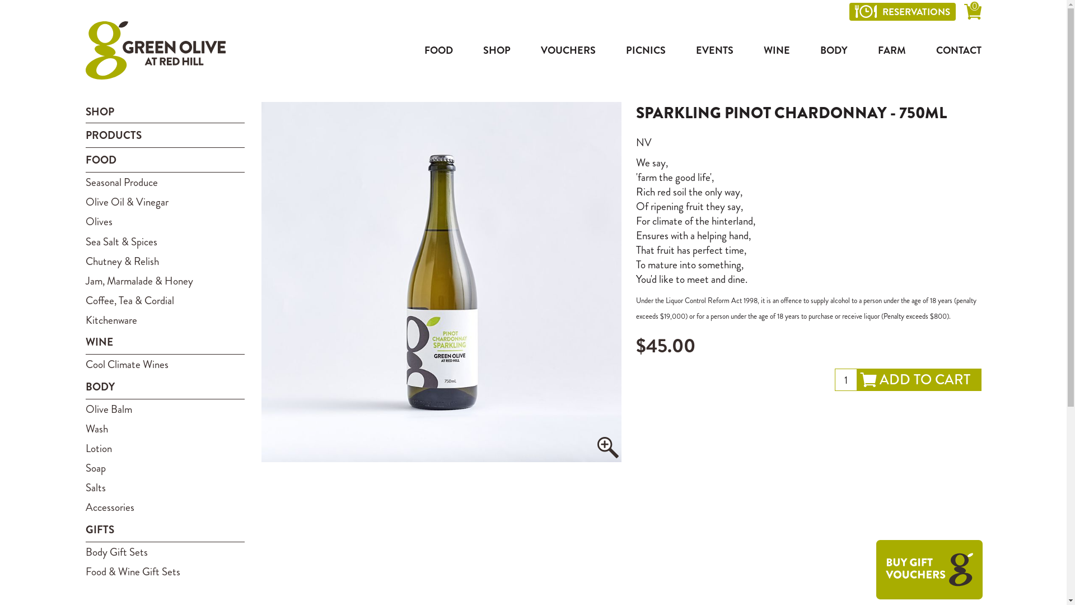 This screenshot has height=605, width=1075. Describe the element at coordinates (713, 49) in the screenshot. I see `'EVENTS'` at that location.